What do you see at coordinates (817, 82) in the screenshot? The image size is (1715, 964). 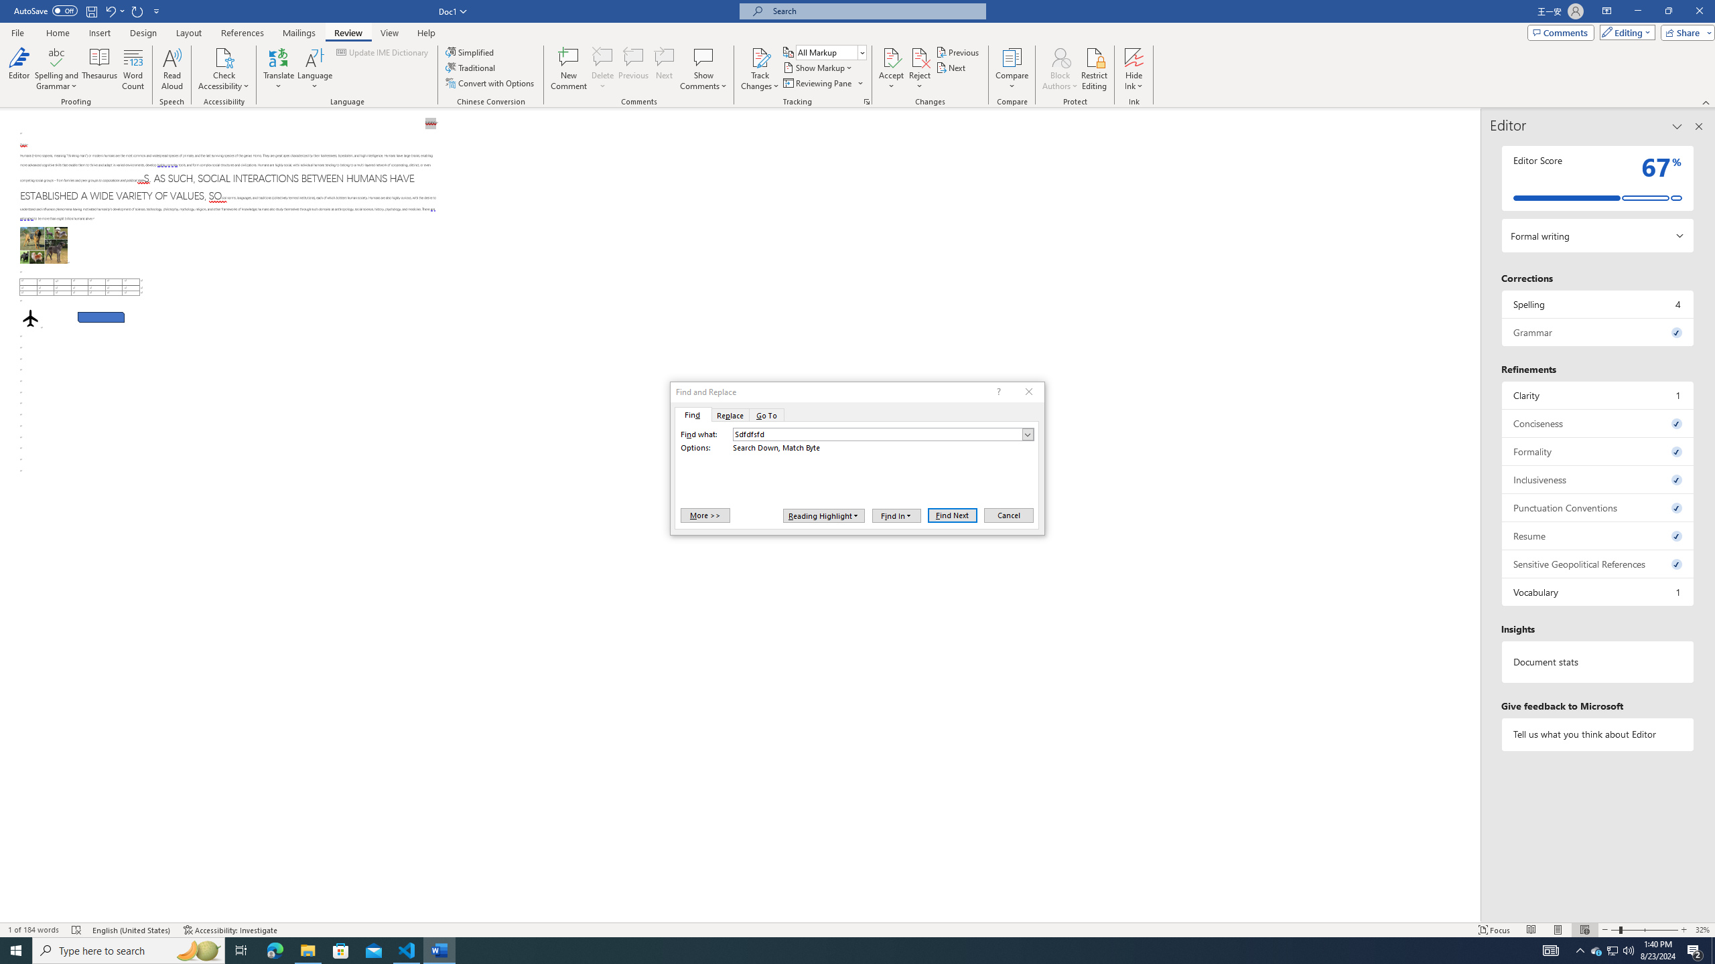 I see `'Reviewing Pane'` at bounding box center [817, 82].